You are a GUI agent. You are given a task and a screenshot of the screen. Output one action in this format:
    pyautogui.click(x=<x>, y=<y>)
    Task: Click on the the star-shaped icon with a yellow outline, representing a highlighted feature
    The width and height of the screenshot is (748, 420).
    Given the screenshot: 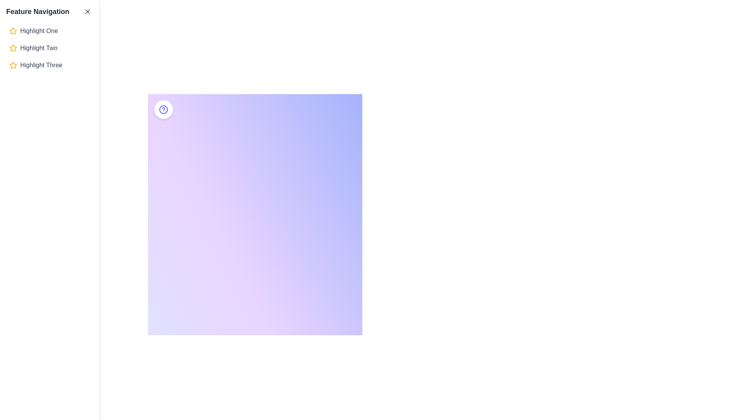 What is the action you would take?
    pyautogui.click(x=13, y=31)
    